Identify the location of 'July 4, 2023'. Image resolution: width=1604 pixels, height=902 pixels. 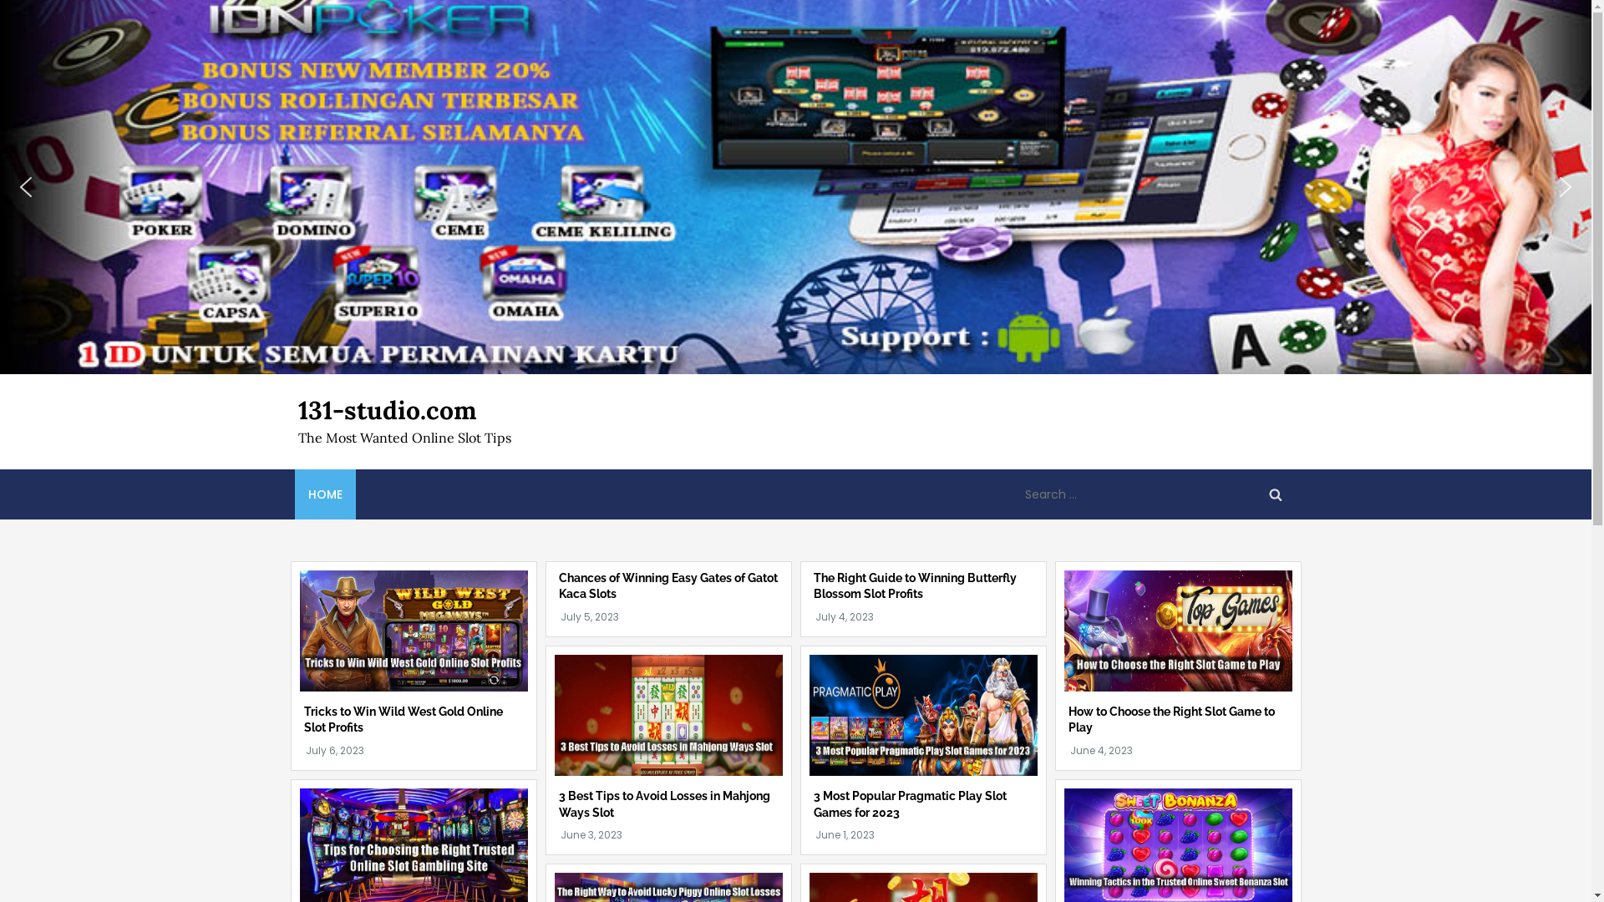
(845, 616).